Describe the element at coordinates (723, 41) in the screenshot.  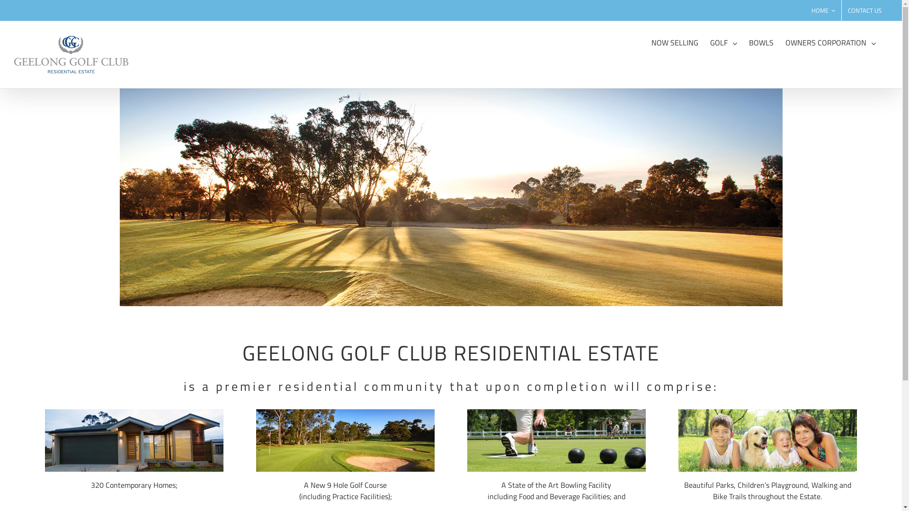
I see `'GOLF'` at that location.